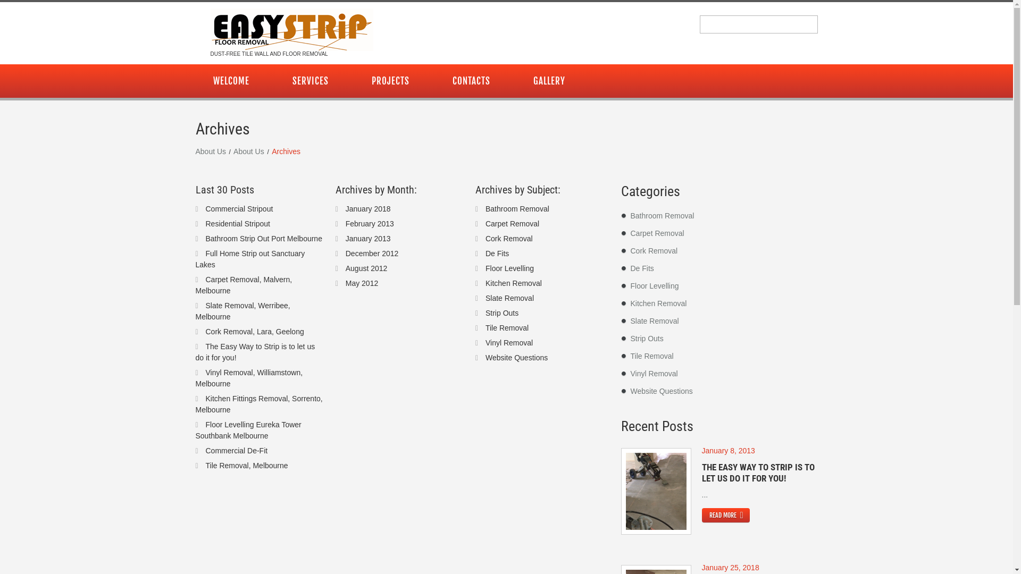 The height and width of the screenshot is (574, 1021). Describe the element at coordinates (702, 514) in the screenshot. I see `'READ MORE'` at that location.